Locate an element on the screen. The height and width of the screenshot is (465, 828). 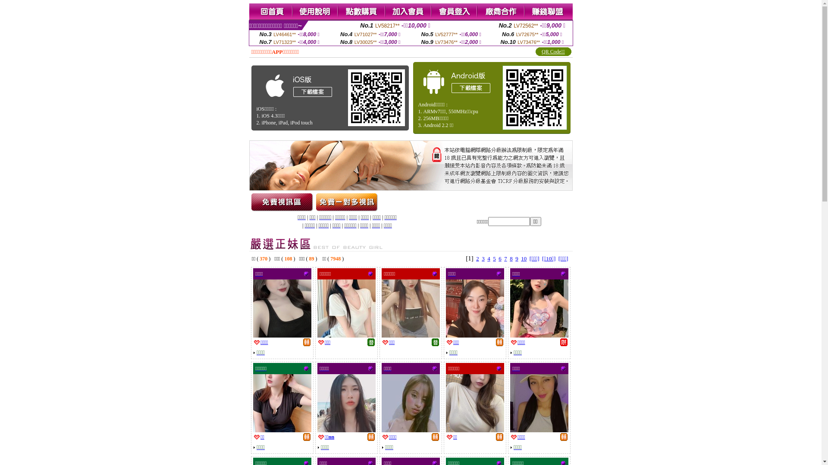
'8' is located at coordinates (511, 258).